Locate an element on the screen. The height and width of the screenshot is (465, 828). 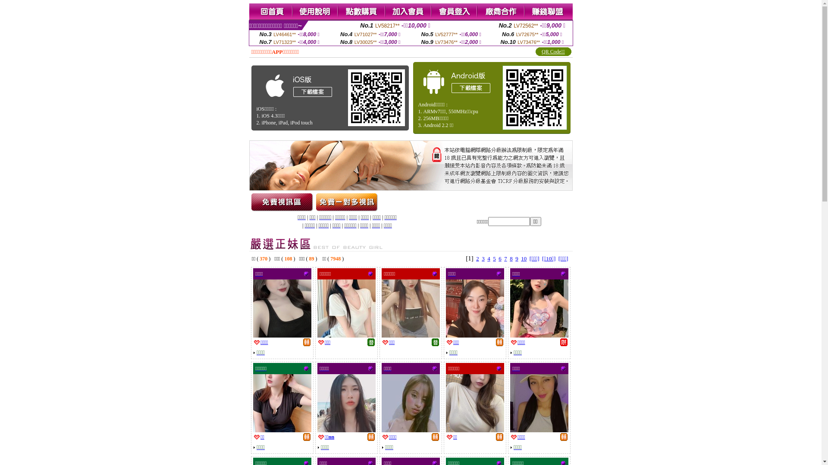
'8' is located at coordinates (511, 258).